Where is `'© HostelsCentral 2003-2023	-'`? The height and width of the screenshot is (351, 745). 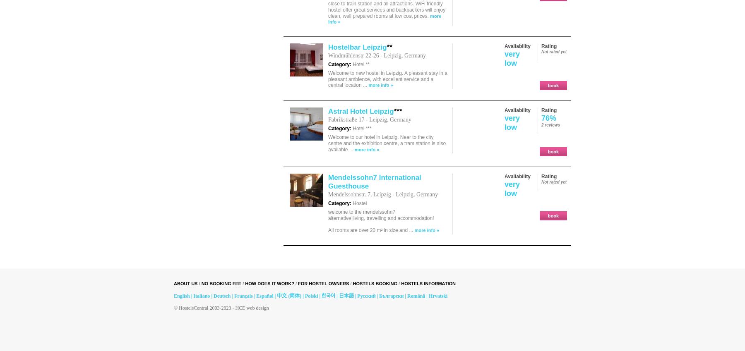
'© HostelsCentral 2003-2023	-' is located at coordinates (173, 308).